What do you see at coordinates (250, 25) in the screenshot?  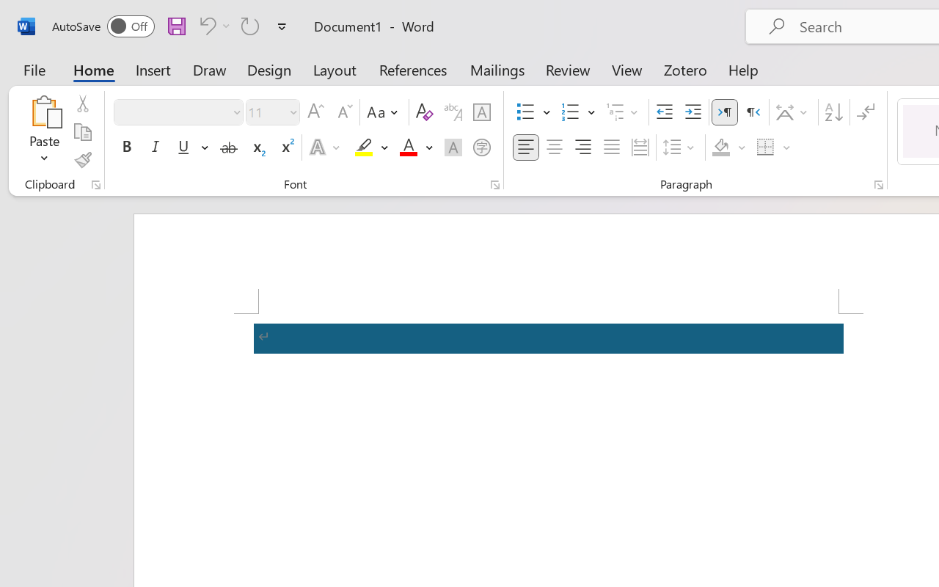 I see `'Repeat Accessibility Checker'` at bounding box center [250, 25].